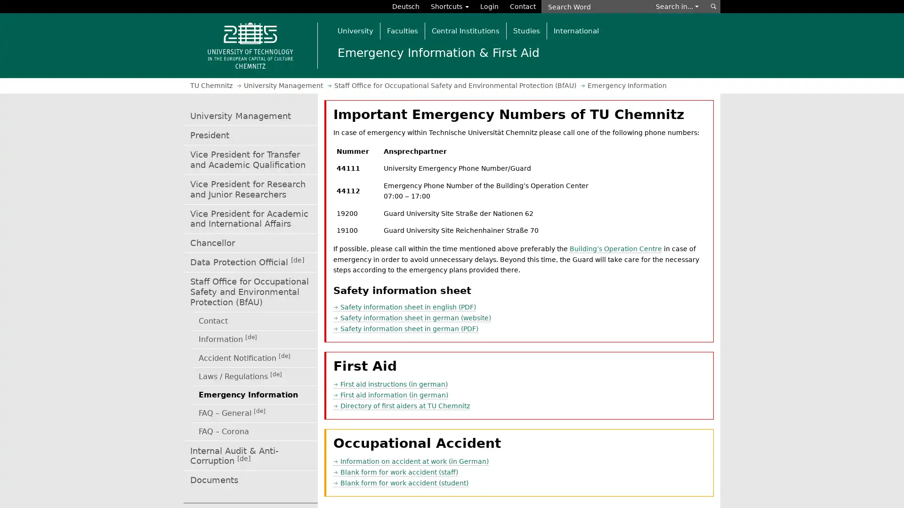  I want to click on Faculties, so click(402, 30).